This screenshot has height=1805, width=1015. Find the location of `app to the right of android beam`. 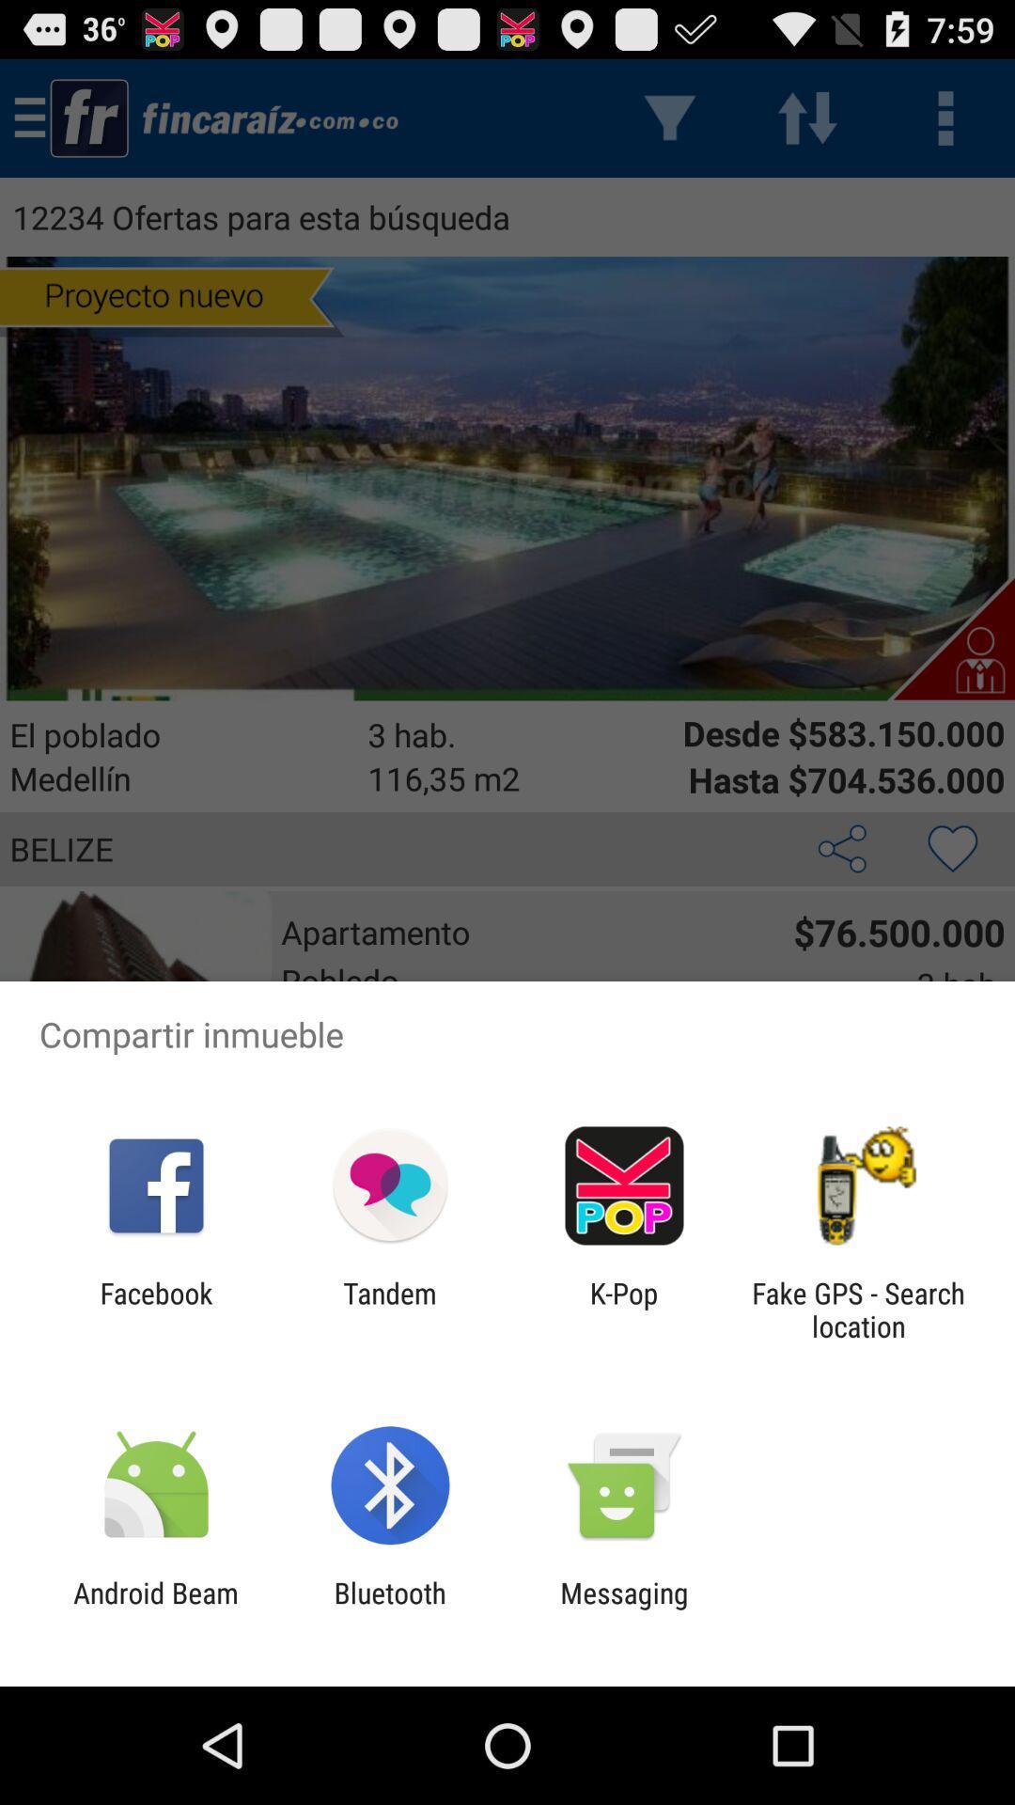

app to the right of android beam is located at coordinates (389, 1609).